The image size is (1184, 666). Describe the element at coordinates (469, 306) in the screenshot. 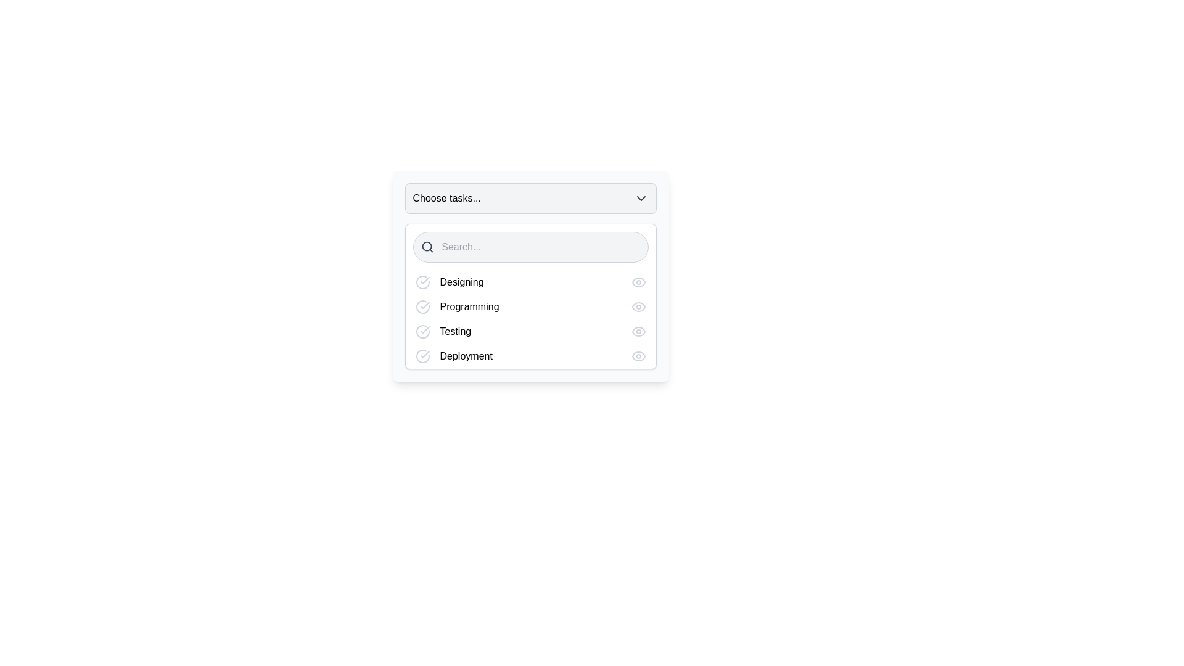

I see `the second text label in the list, which is positioned between 'Designing' and 'Testing'` at that location.